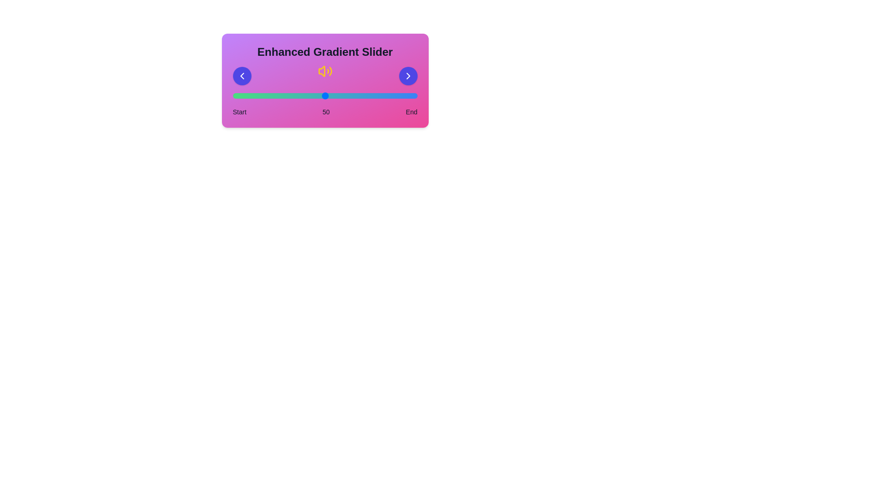  Describe the element at coordinates (242, 76) in the screenshot. I see `left arrow button to decrease the slider value` at that location.